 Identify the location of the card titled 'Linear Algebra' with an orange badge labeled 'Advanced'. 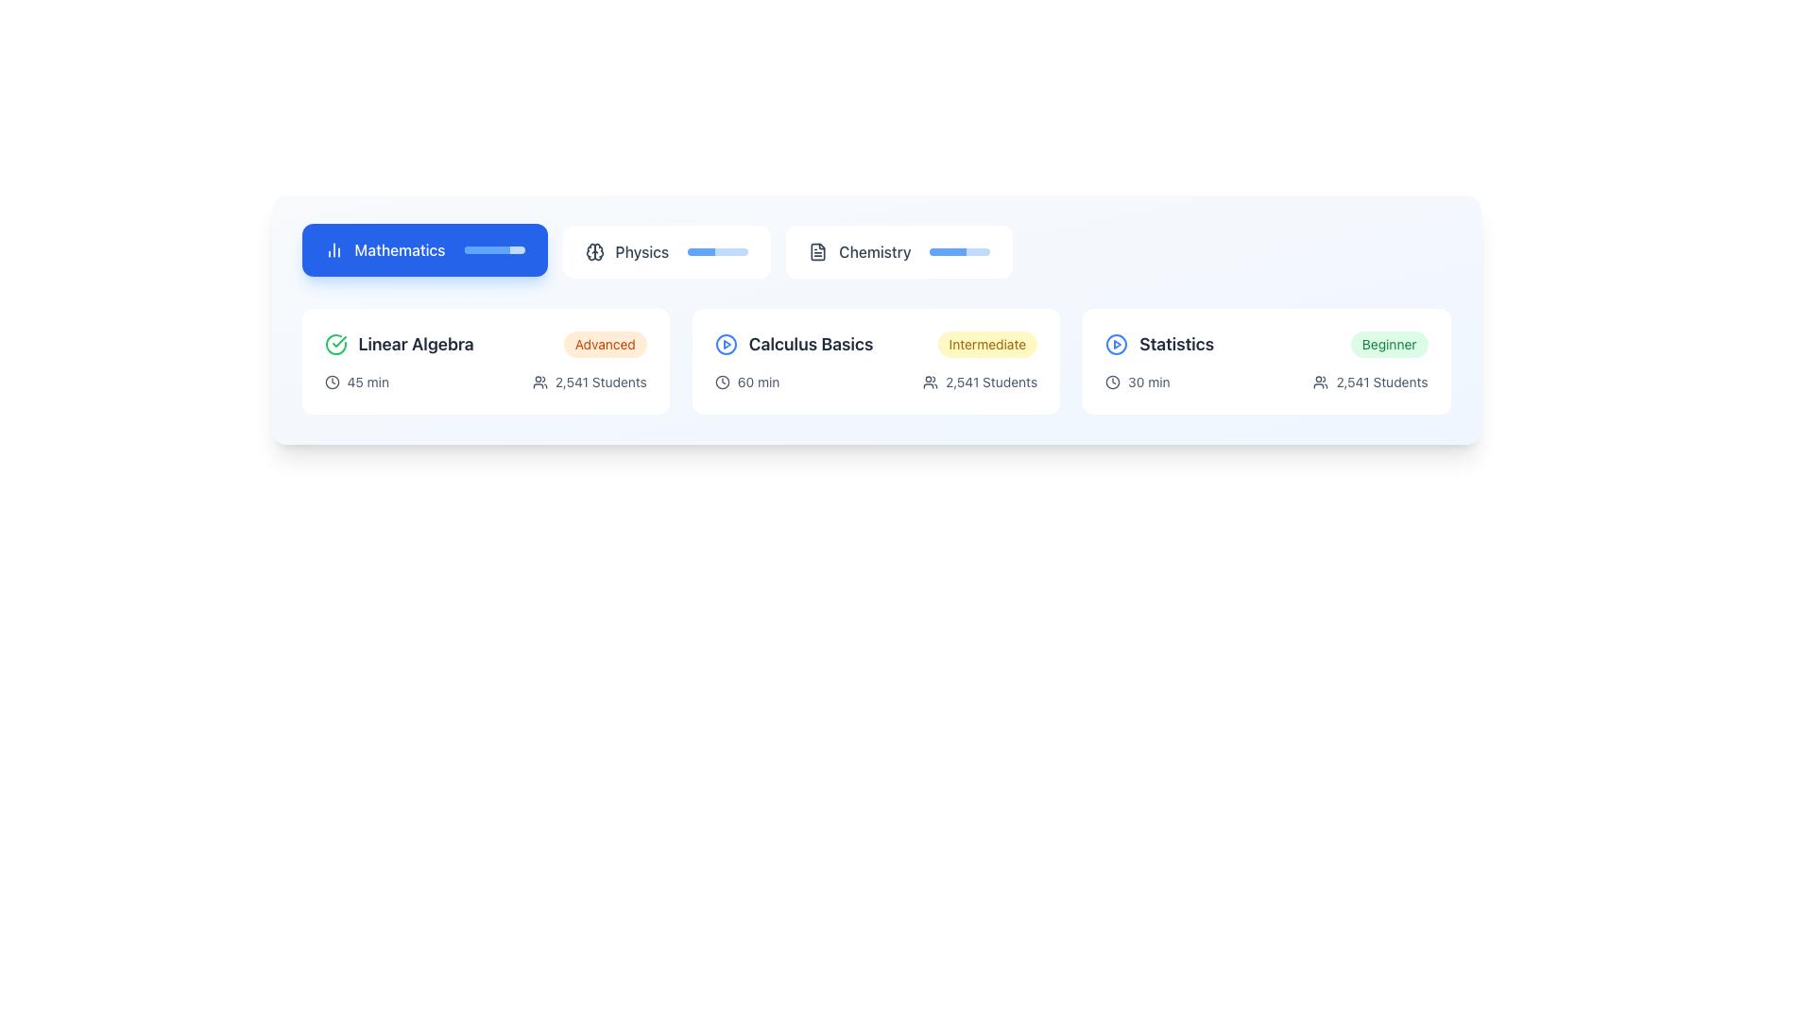
(486, 361).